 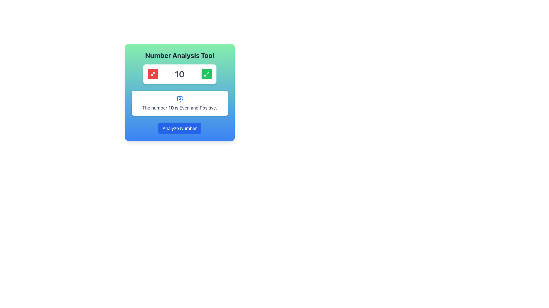 I want to click on the CPU icon that represents computational functionality, which is located above the text 'The number 10 is Even and Positive.', so click(x=179, y=98).